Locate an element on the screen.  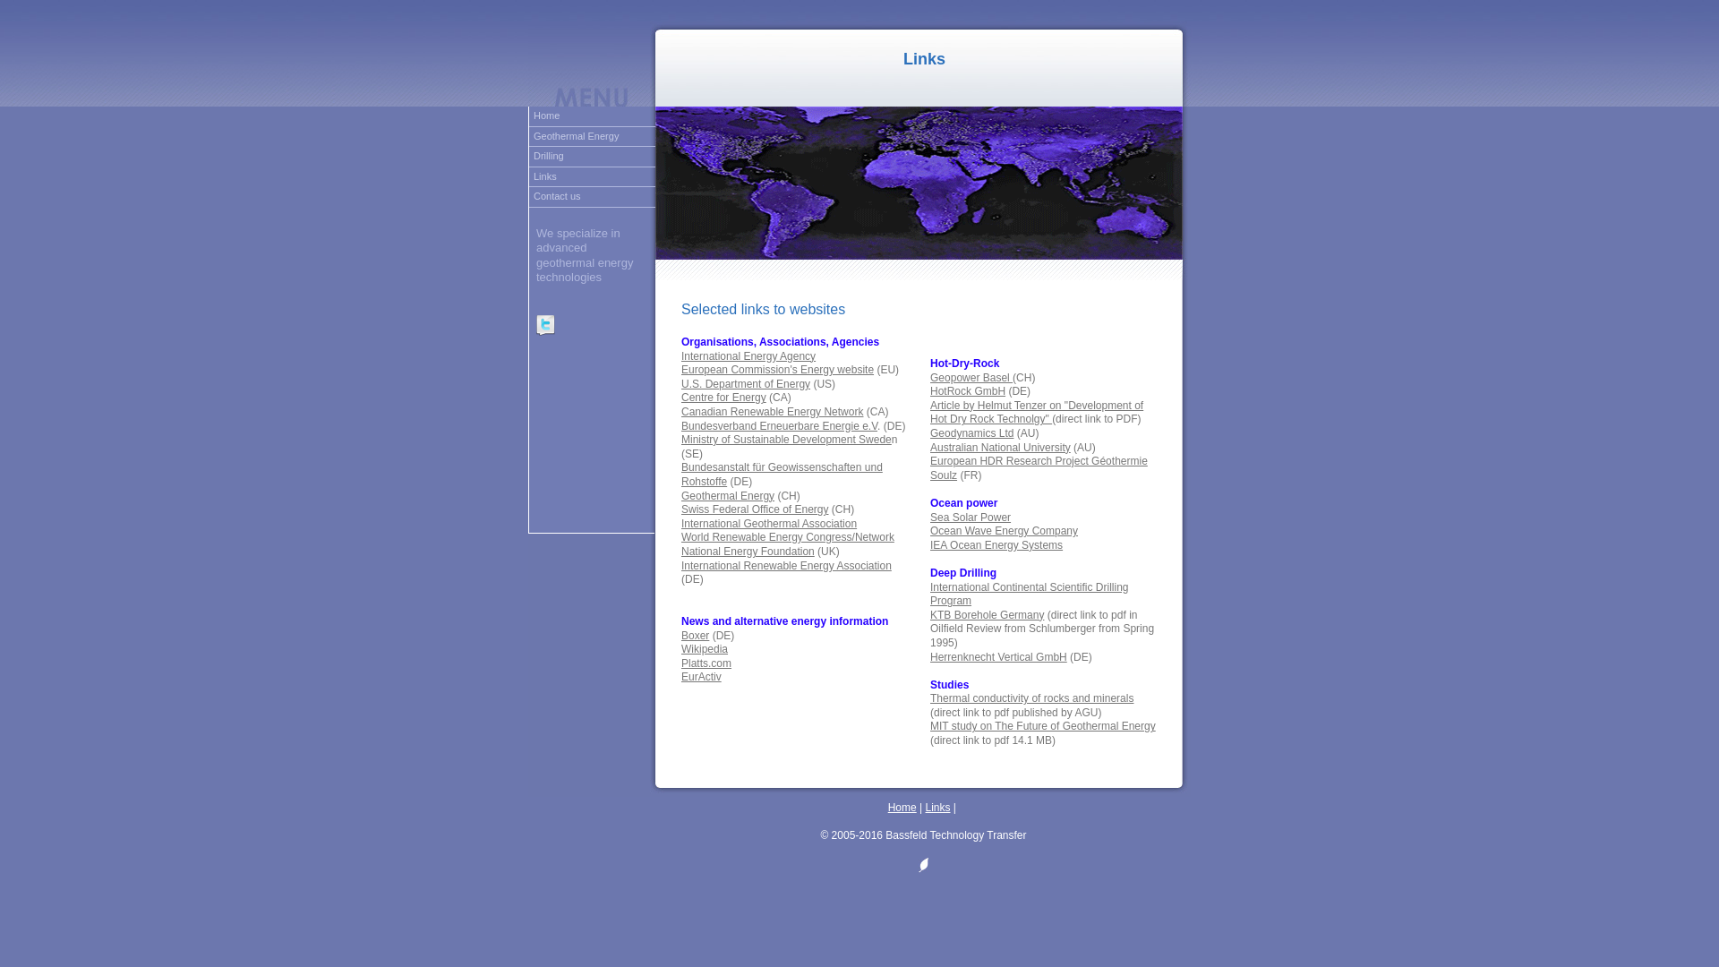
'Wikipedia' is located at coordinates (704, 649).